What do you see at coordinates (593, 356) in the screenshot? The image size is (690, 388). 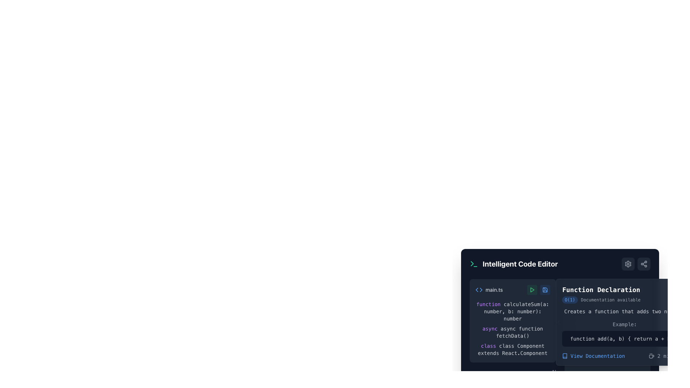 I see `the first hyperlink (anchor tag) with an icon that provides access to documentation` at bounding box center [593, 356].